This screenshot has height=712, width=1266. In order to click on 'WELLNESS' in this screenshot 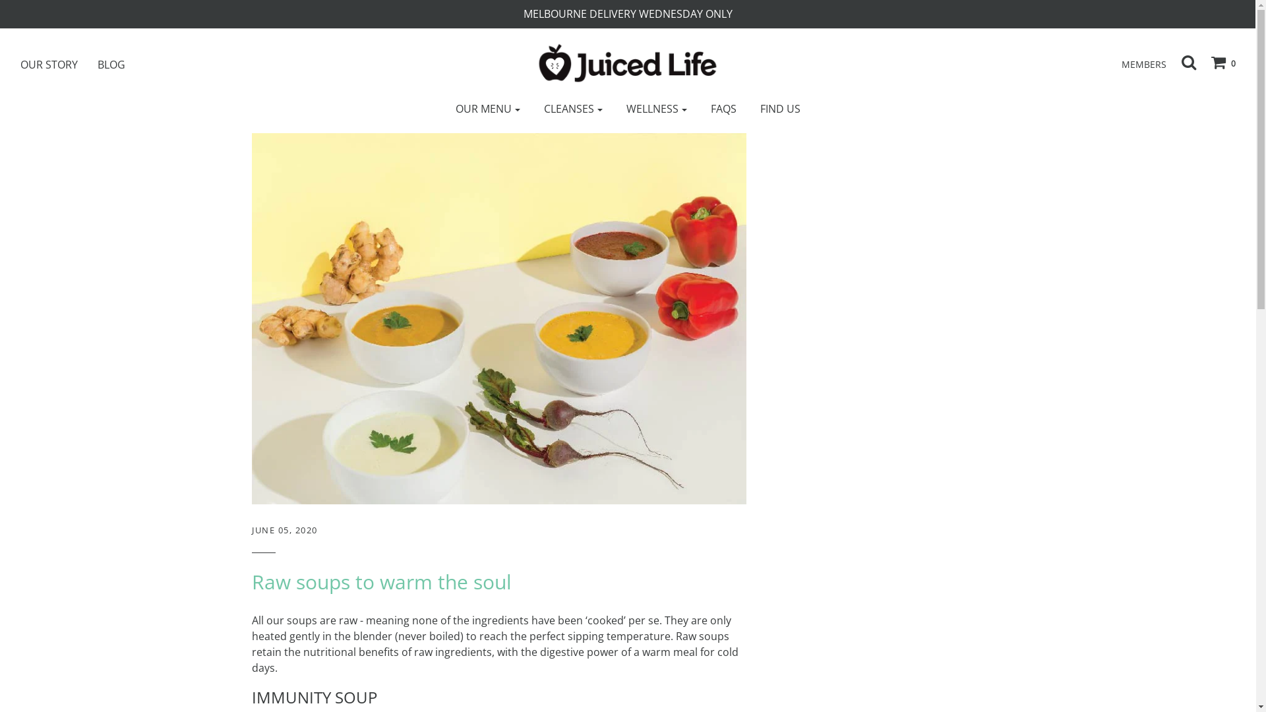, I will do `click(655, 108)`.